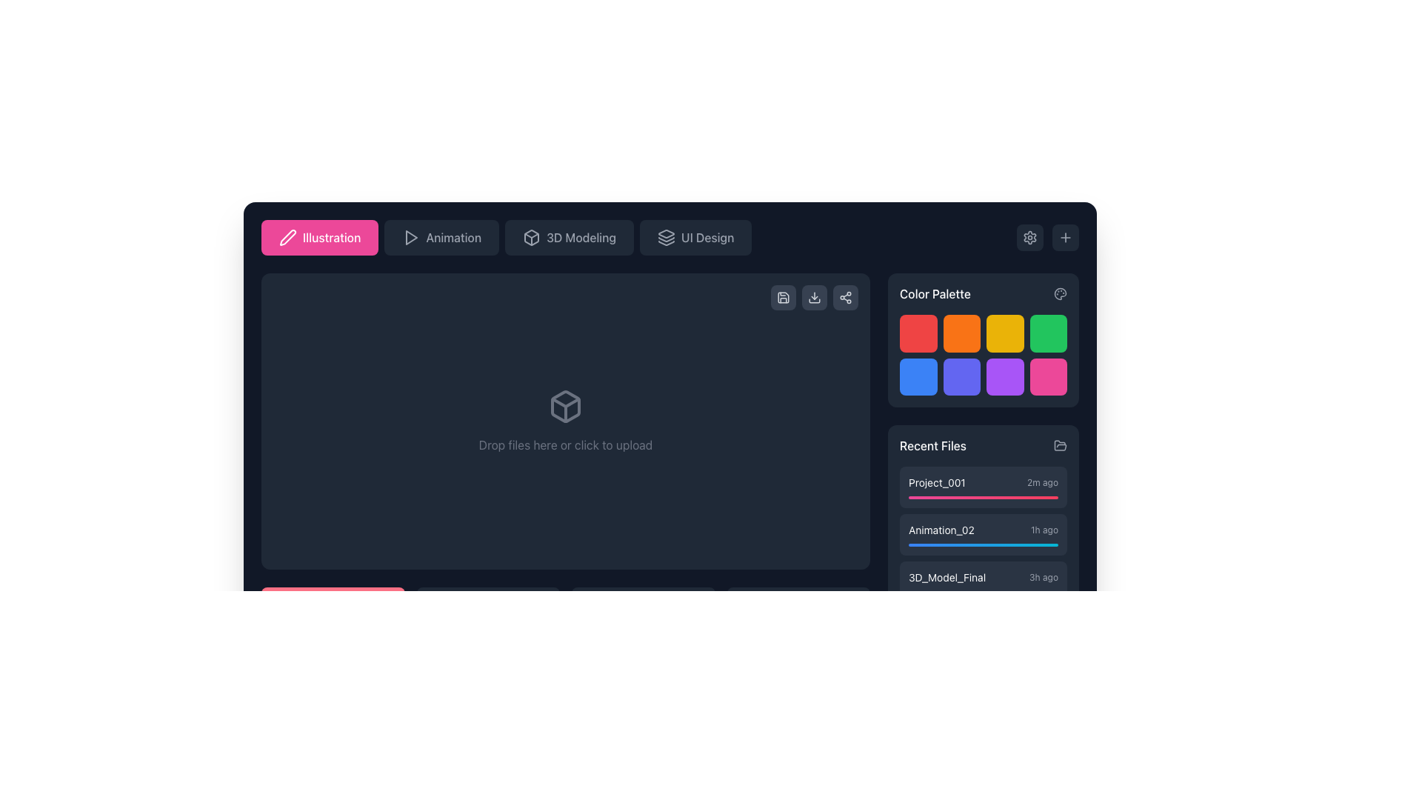 Image resolution: width=1422 pixels, height=800 pixels. I want to click on the selectable color square in the rightmost column of the first row in the grid to observe the hover effect, so click(1047, 333).